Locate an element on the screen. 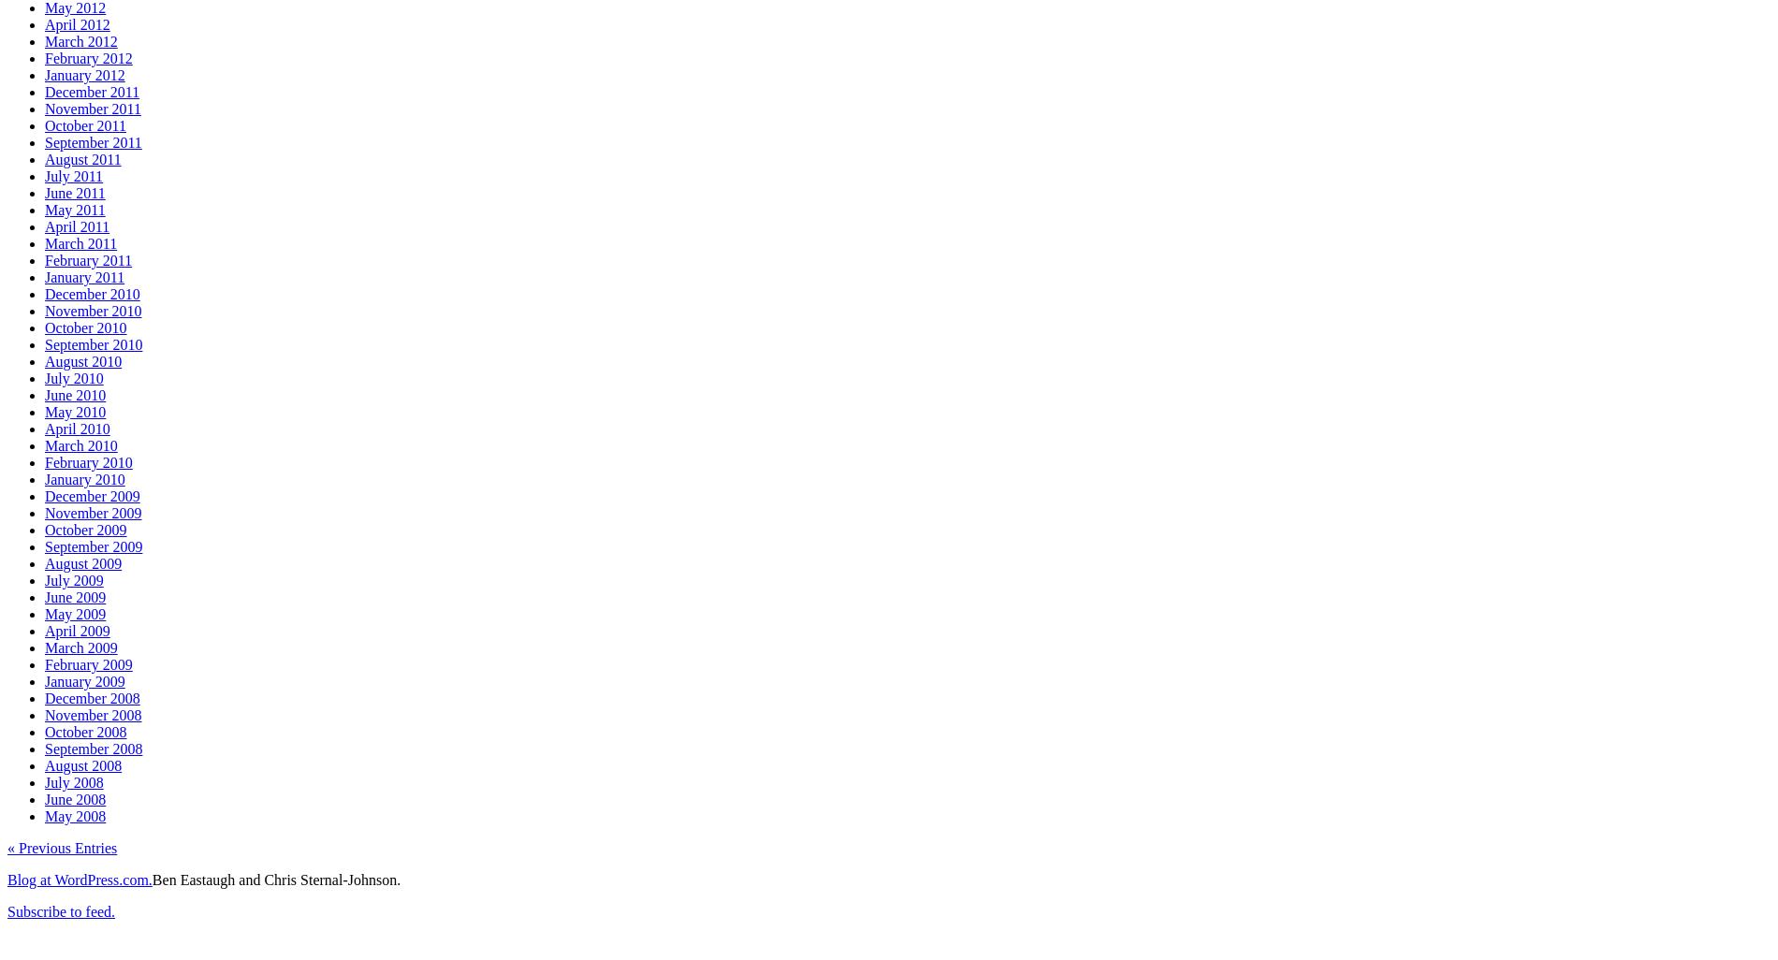 The height and width of the screenshot is (960, 1778). 'March 2011' is located at coordinates (45, 241).